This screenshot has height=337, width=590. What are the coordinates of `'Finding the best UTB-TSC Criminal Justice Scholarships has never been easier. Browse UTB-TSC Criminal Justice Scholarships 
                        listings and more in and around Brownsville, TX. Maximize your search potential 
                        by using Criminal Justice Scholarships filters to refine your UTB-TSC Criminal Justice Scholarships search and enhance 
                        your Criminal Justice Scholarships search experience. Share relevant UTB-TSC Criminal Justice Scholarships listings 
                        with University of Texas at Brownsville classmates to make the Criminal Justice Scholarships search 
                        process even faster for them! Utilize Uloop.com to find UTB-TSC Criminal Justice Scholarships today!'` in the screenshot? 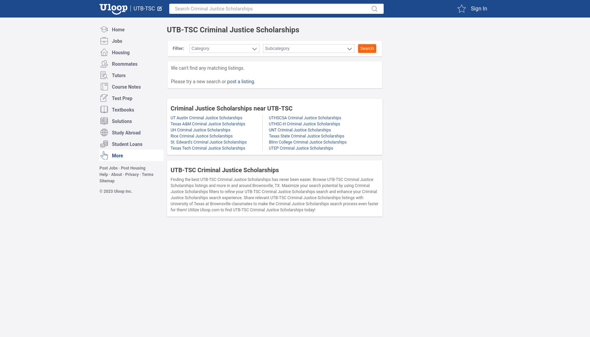 It's located at (170, 194).